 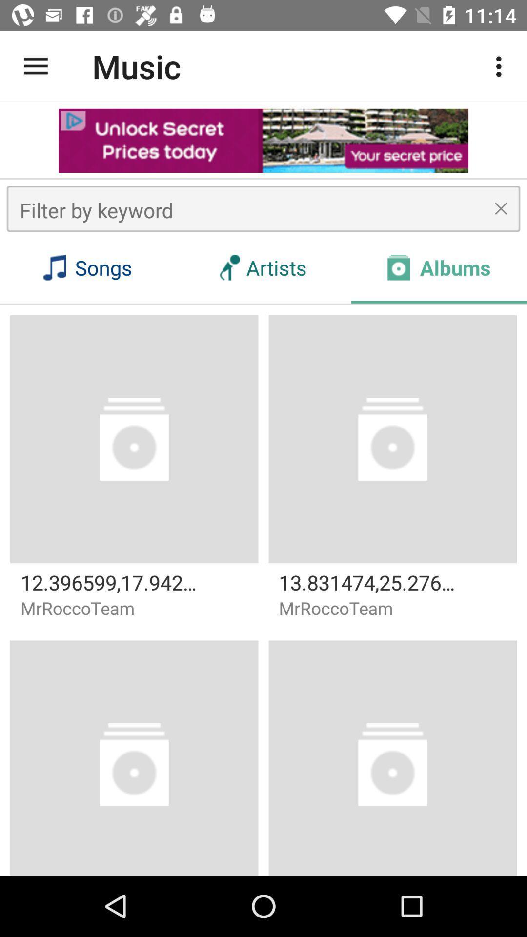 I want to click on keyword search, so click(x=263, y=208).